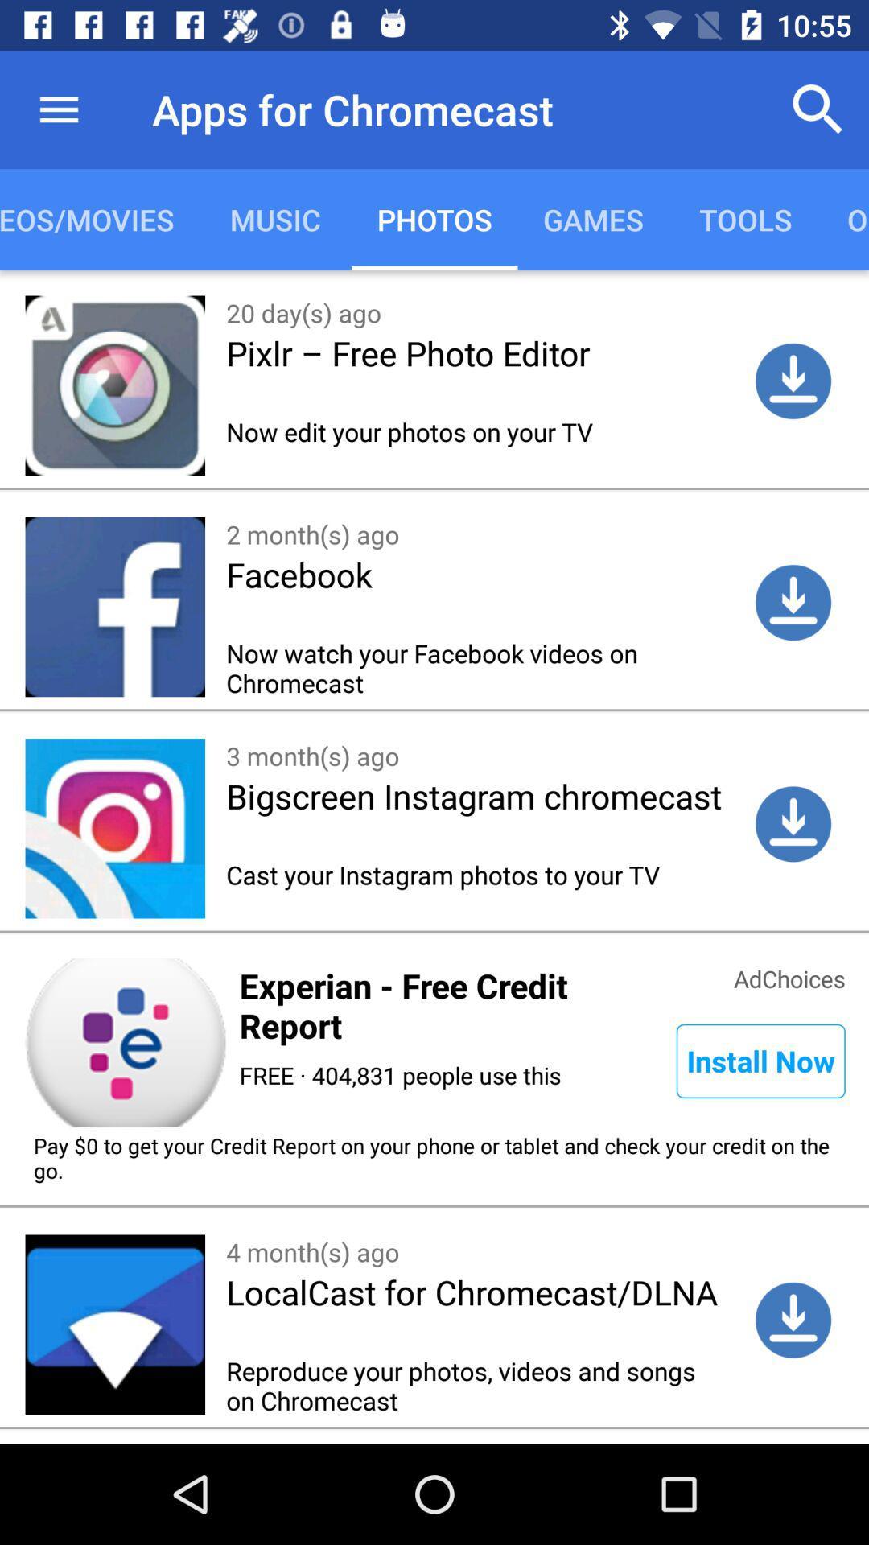  Describe the element at coordinates (818, 109) in the screenshot. I see `item next to the apps for chromecast item` at that location.